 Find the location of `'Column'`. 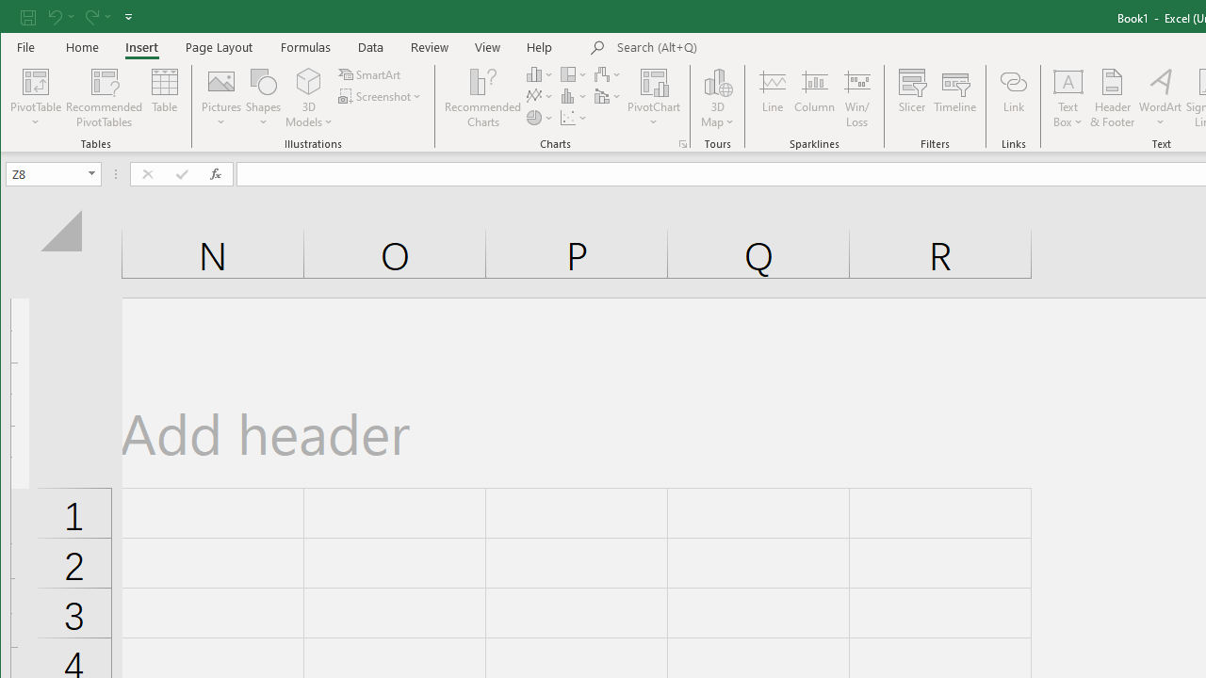

'Column' is located at coordinates (815, 98).